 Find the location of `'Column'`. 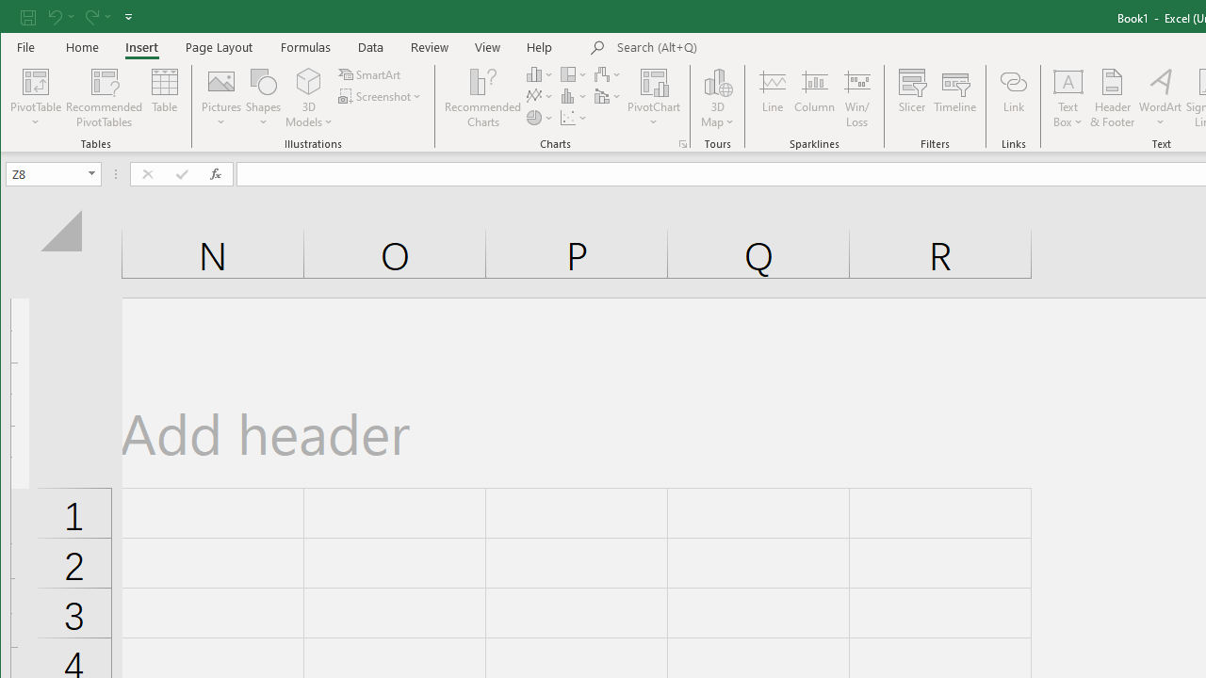

'Column' is located at coordinates (815, 98).